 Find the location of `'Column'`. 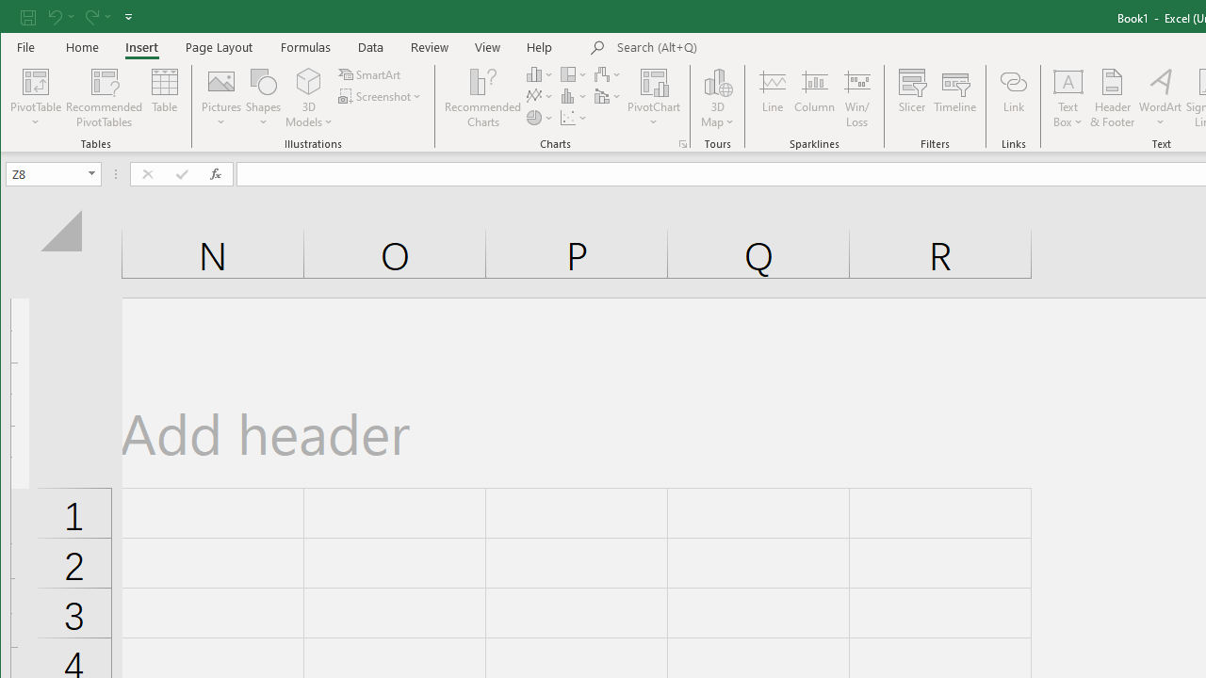

'Column' is located at coordinates (815, 98).